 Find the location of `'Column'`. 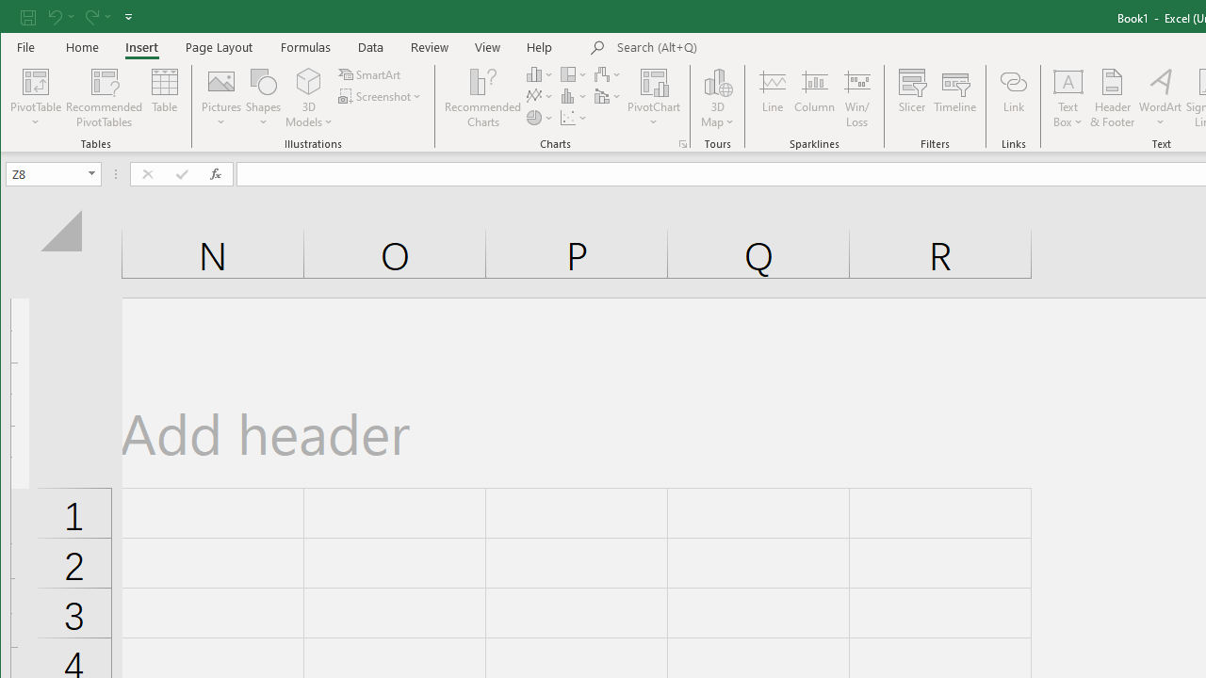

'Column' is located at coordinates (815, 98).